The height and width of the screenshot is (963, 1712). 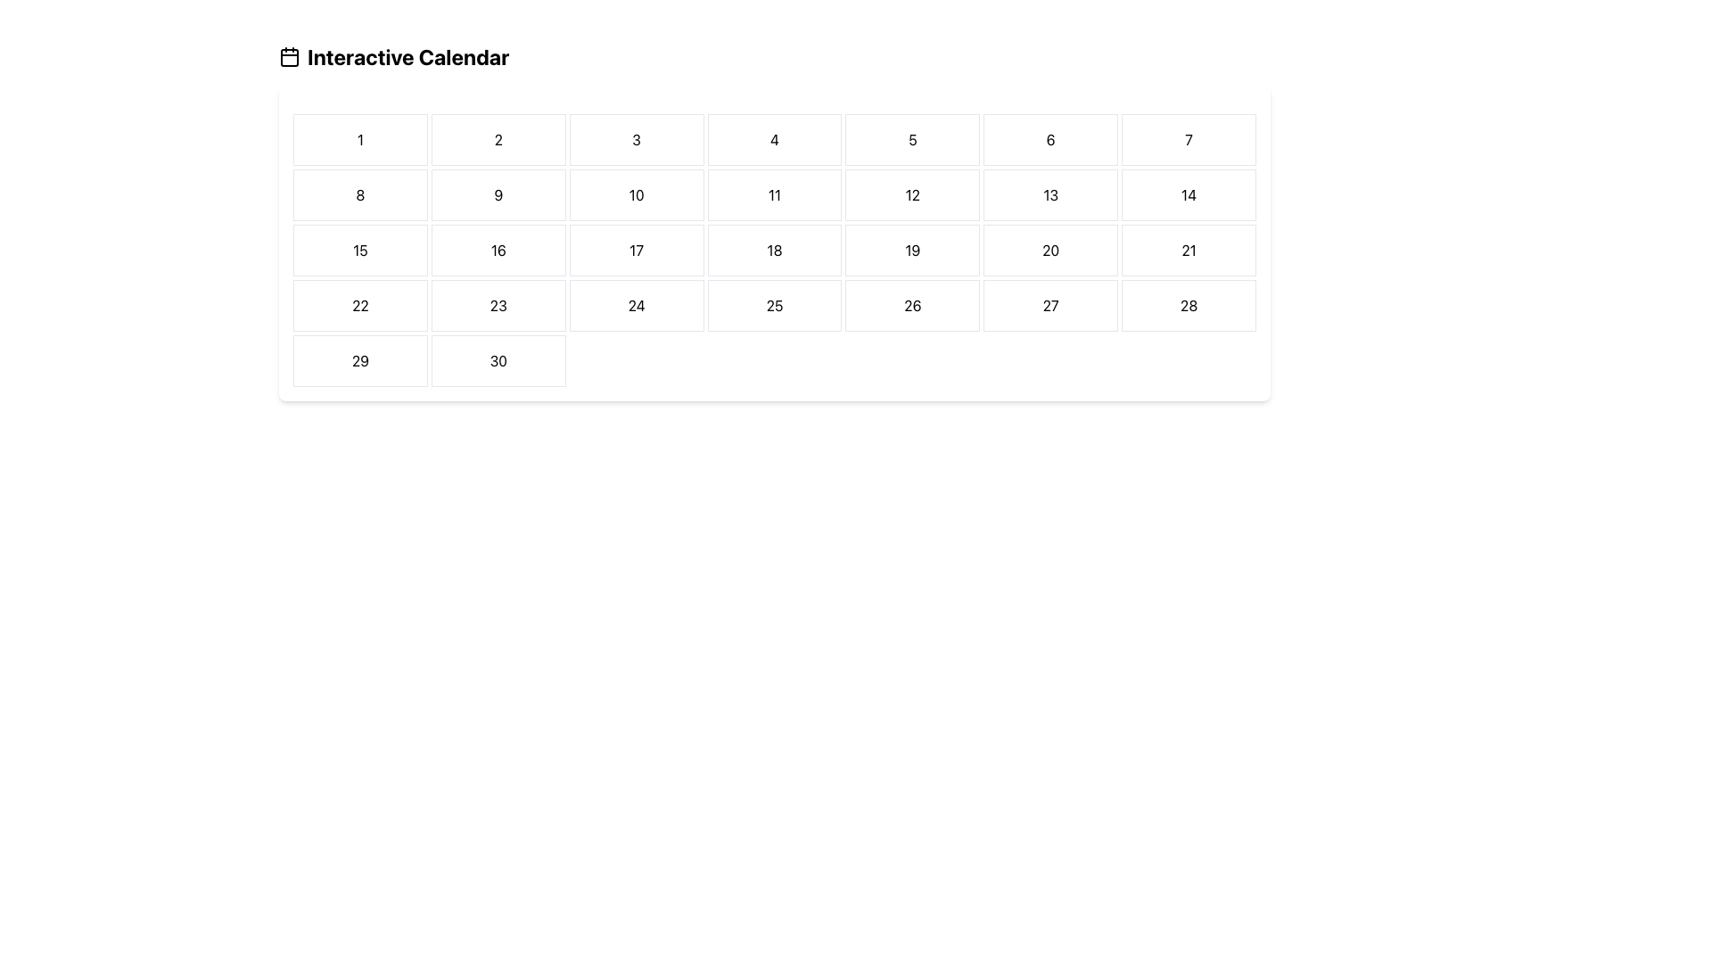 What do you see at coordinates (774, 305) in the screenshot?
I see `the rectangular grid cell containing the number '25', located in the fourth row and fourth column of the grid, which highlights with a blue background on hover` at bounding box center [774, 305].